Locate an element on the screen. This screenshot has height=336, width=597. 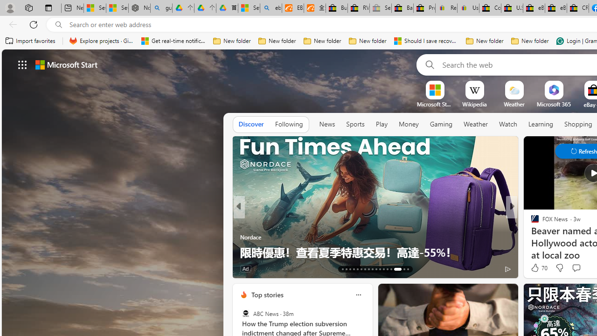
'Shopping' is located at coordinates (578, 124).